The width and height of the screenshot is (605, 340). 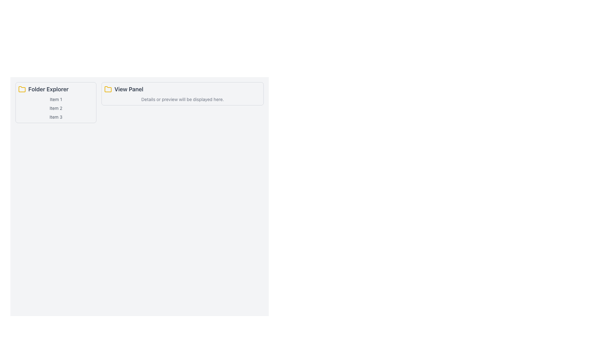 What do you see at coordinates (56, 117) in the screenshot?
I see `the third text label in the 'Folder Explorer' panel which represents an item in a list` at bounding box center [56, 117].